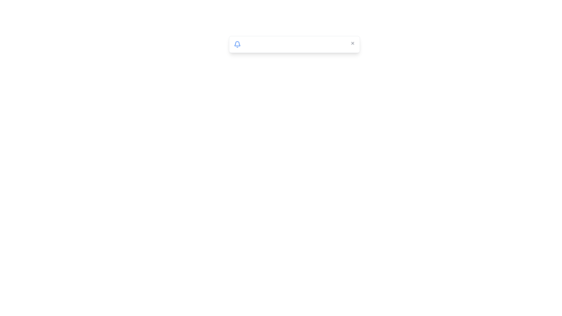 This screenshot has height=316, width=562. Describe the element at coordinates (237, 44) in the screenshot. I see `the visual representation of the bell icon located on the left-hand side of the notification bar, which serves as an identifier for notifications or alerts` at that location.